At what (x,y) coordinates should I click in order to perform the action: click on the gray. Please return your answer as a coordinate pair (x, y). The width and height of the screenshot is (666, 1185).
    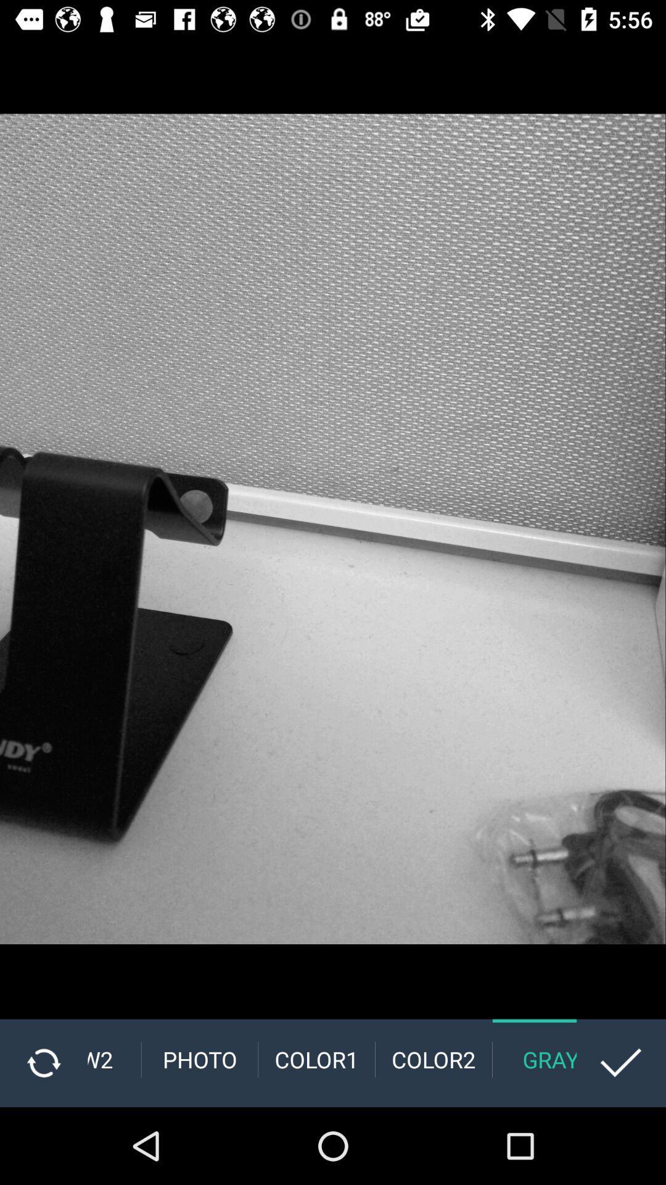
    Looking at the image, I should click on (534, 1059).